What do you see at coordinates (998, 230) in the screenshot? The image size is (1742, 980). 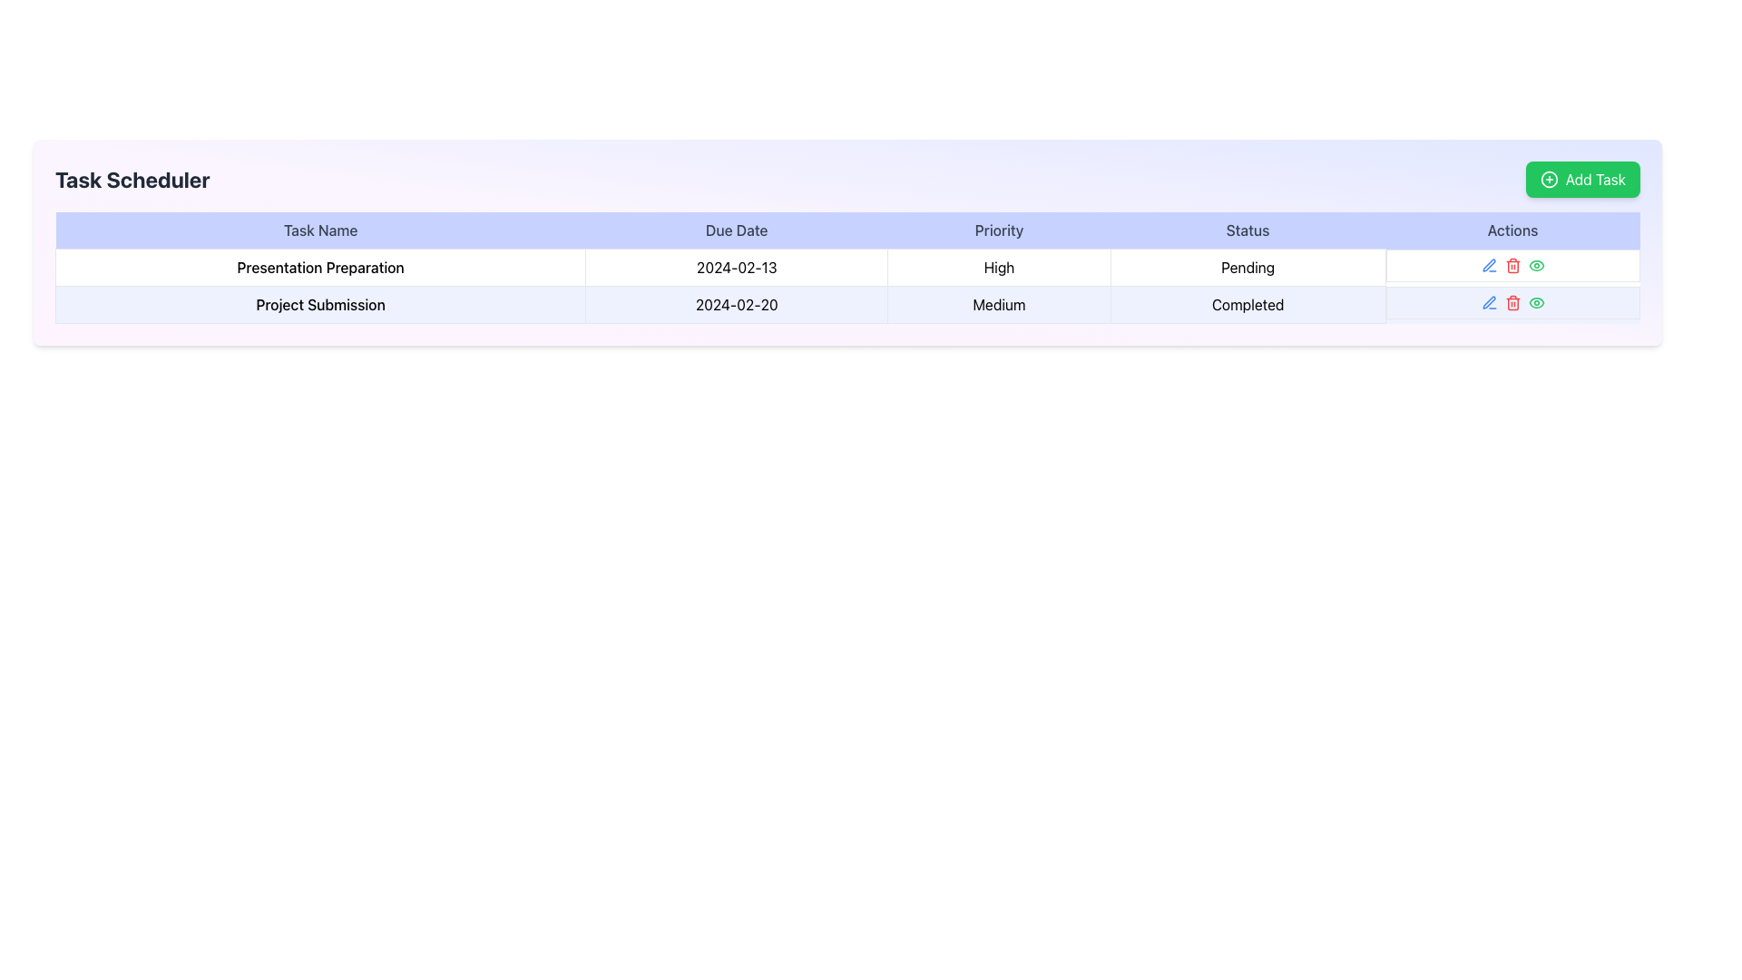 I see `the third column header cell indicating priority information in the tasks table` at bounding box center [998, 230].